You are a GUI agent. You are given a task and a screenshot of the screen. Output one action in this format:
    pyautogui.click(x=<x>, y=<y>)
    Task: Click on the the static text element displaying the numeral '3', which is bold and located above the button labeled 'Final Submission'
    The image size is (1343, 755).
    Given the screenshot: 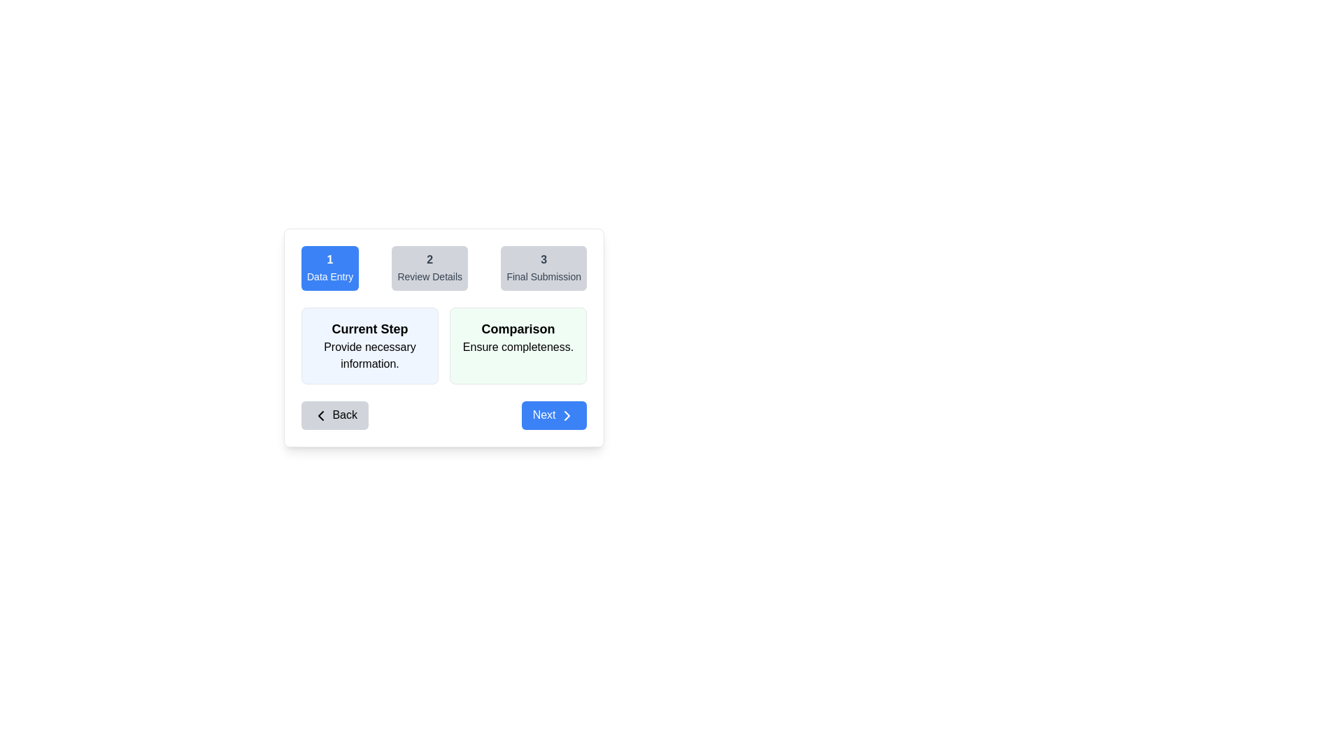 What is the action you would take?
    pyautogui.click(x=543, y=259)
    